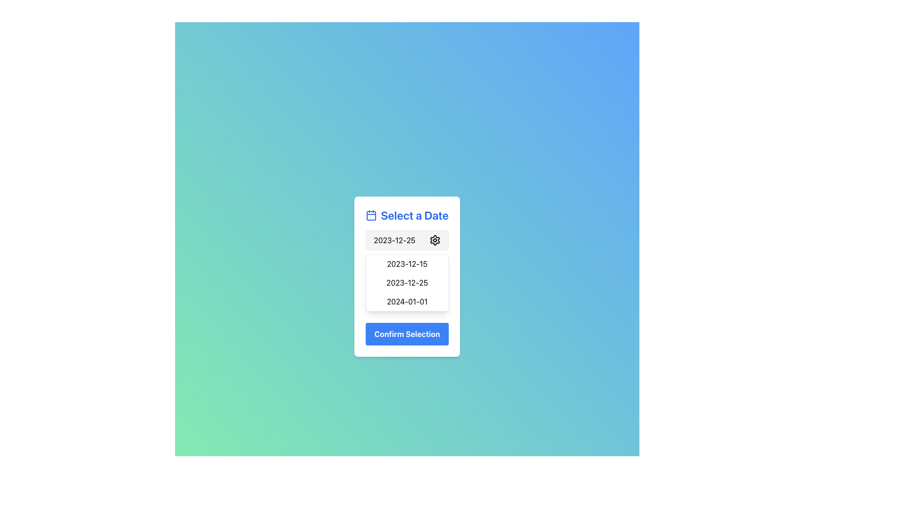  I want to click on text of the heading label for the date selection feature located at the top of the interface, above the dropdown menu, so click(407, 215).